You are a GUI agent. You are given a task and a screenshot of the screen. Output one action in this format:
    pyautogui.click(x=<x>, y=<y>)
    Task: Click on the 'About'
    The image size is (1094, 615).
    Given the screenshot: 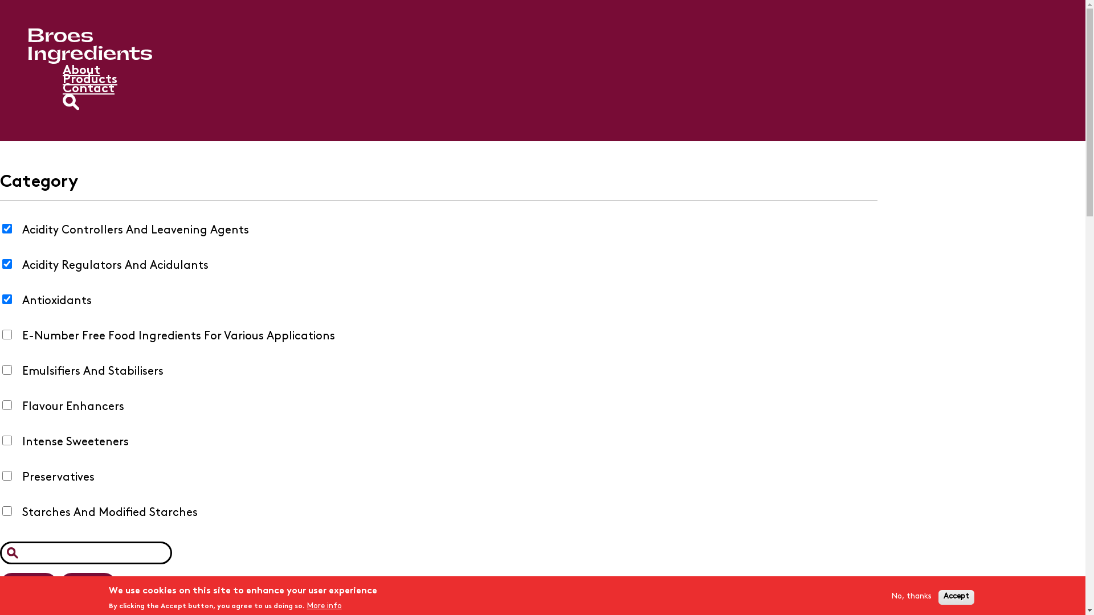 What is the action you would take?
    pyautogui.click(x=81, y=71)
    